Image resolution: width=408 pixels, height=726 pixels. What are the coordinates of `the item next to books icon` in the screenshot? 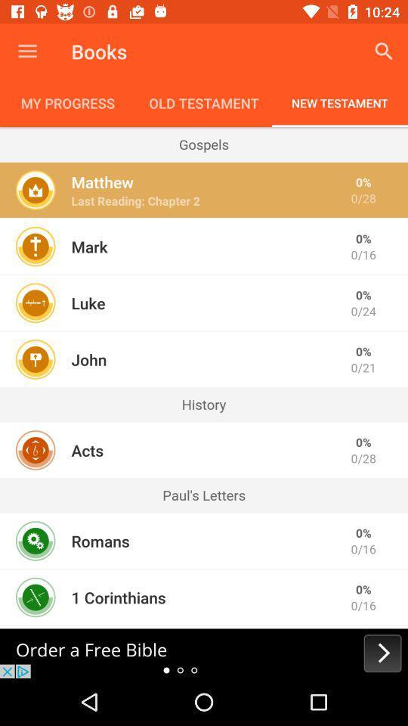 It's located at (27, 51).